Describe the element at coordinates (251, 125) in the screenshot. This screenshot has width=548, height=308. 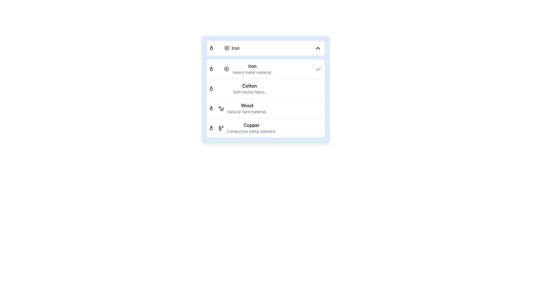
I see `the 'Copper' text label` at that location.